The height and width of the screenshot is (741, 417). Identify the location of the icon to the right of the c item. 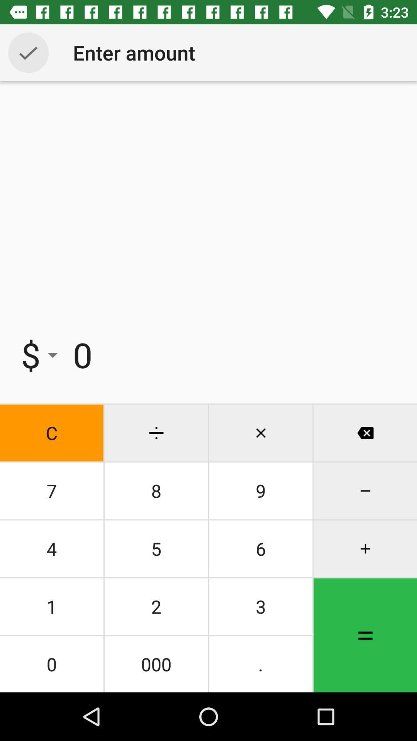
(156, 491).